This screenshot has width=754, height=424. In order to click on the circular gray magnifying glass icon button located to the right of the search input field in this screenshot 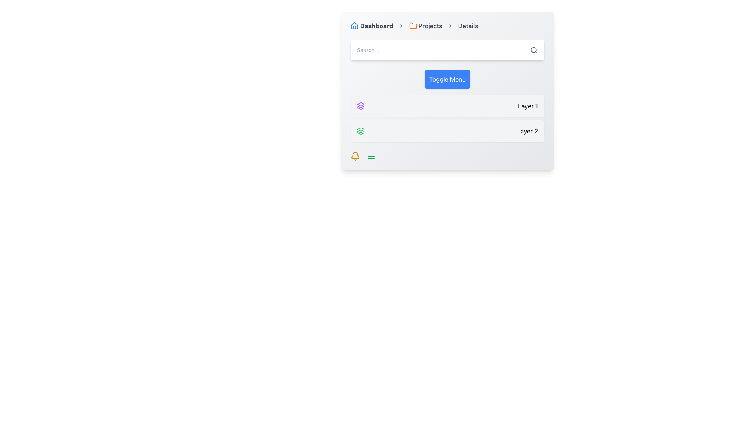, I will do `click(534, 50)`.